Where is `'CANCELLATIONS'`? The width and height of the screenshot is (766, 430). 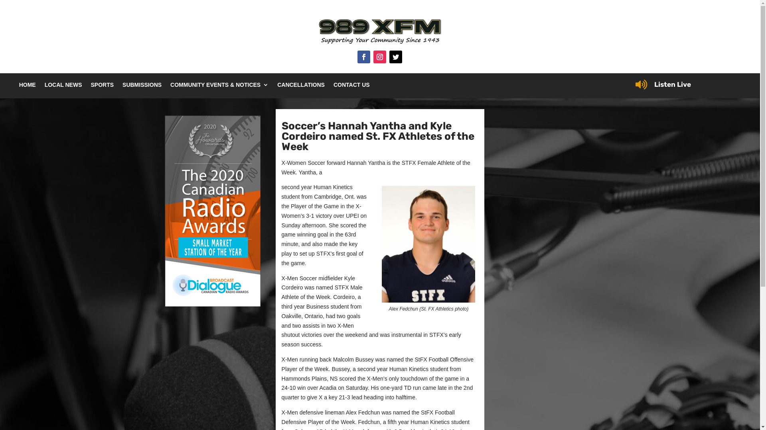
'CANCELLATIONS' is located at coordinates (300, 86).